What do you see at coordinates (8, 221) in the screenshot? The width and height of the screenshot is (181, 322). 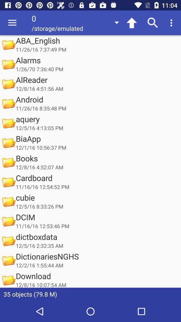 I see `the icon left to the dcim` at bounding box center [8, 221].